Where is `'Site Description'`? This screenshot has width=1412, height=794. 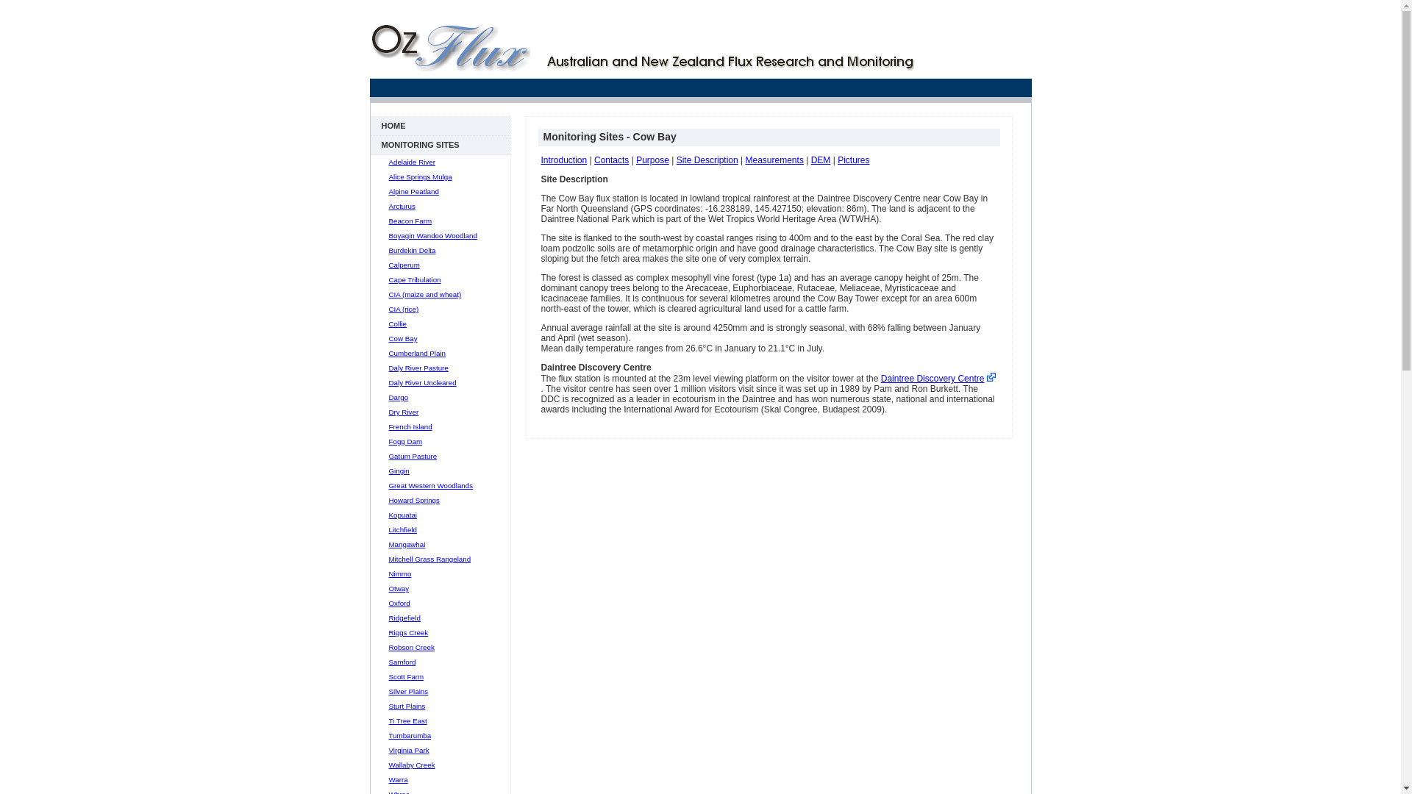
'Site Description' is located at coordinates (707, 160).